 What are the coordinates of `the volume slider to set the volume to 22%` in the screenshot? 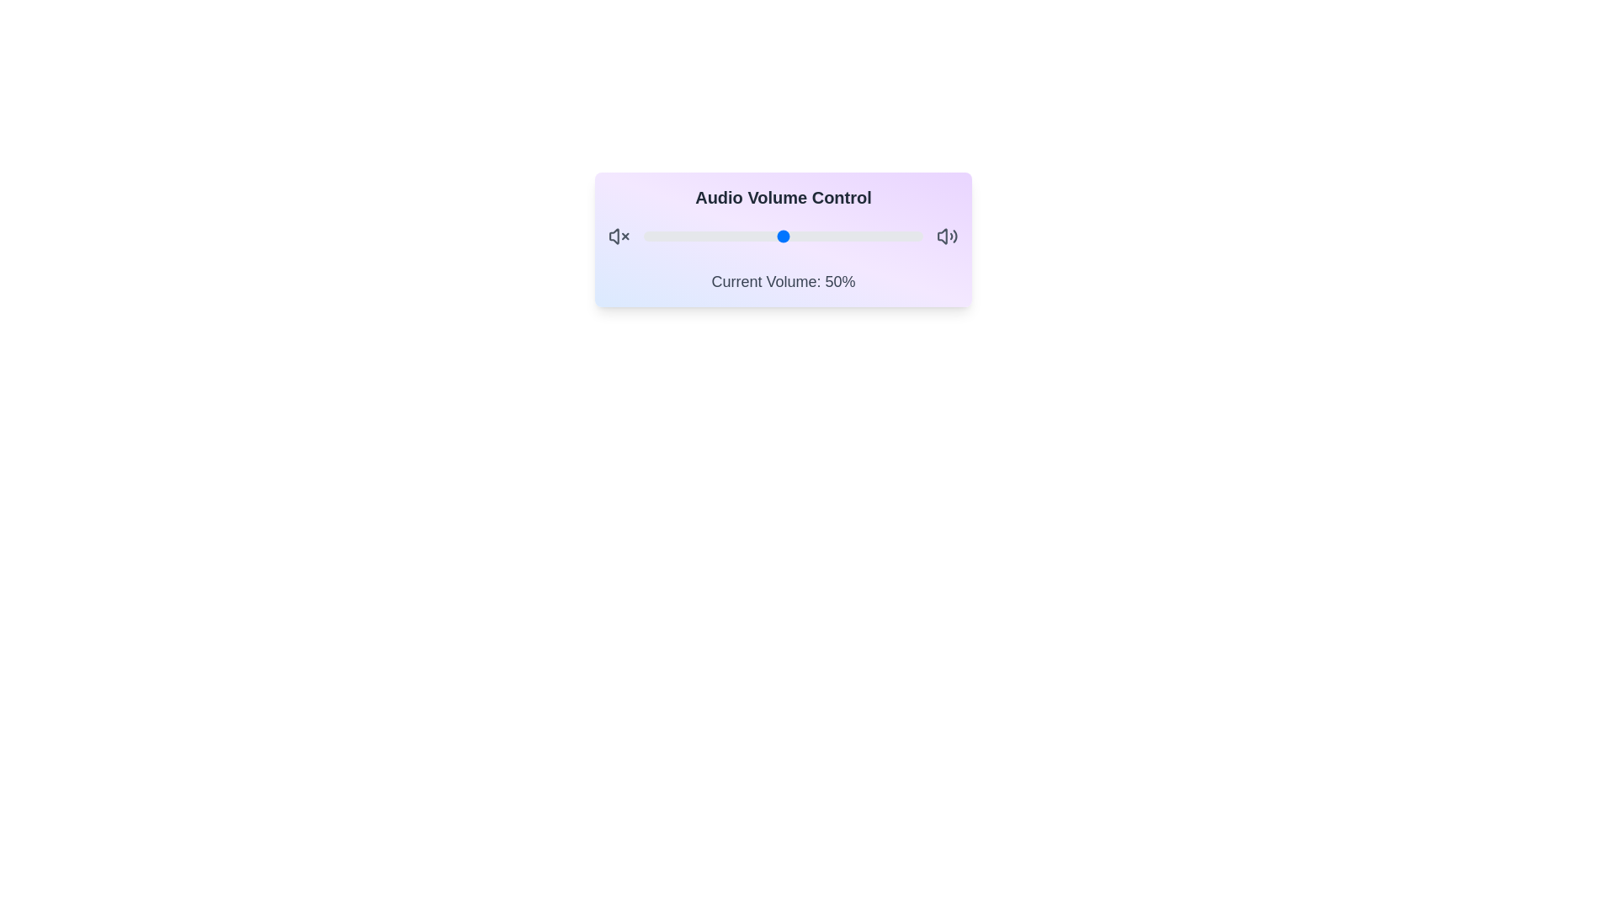 It's located at (704, 237).